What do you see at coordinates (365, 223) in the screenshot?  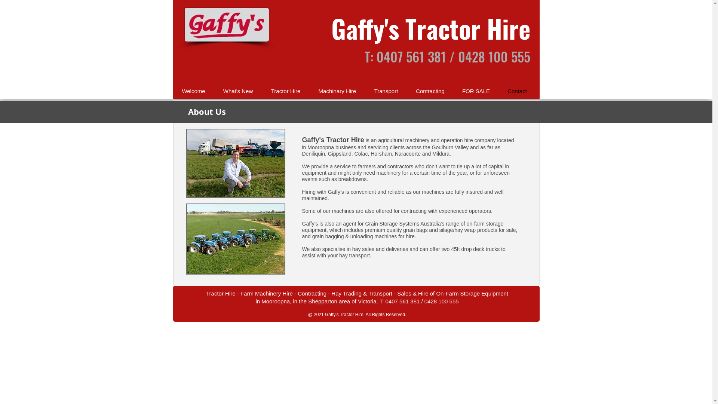 I see `'Grain Storage Systems Australia's'` at bounding box center [365, 223].